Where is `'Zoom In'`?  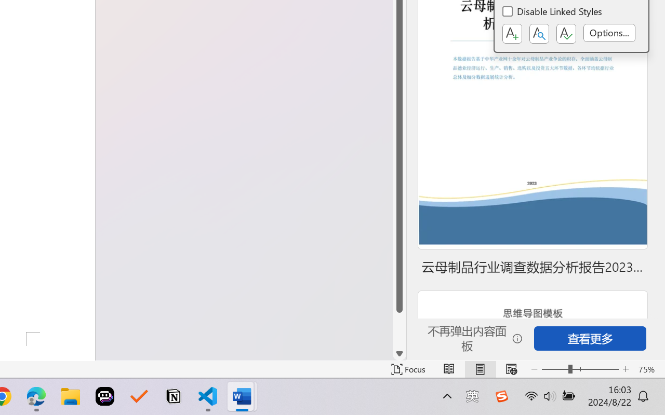 'Zoom In' is located at coordinates (626, 369).